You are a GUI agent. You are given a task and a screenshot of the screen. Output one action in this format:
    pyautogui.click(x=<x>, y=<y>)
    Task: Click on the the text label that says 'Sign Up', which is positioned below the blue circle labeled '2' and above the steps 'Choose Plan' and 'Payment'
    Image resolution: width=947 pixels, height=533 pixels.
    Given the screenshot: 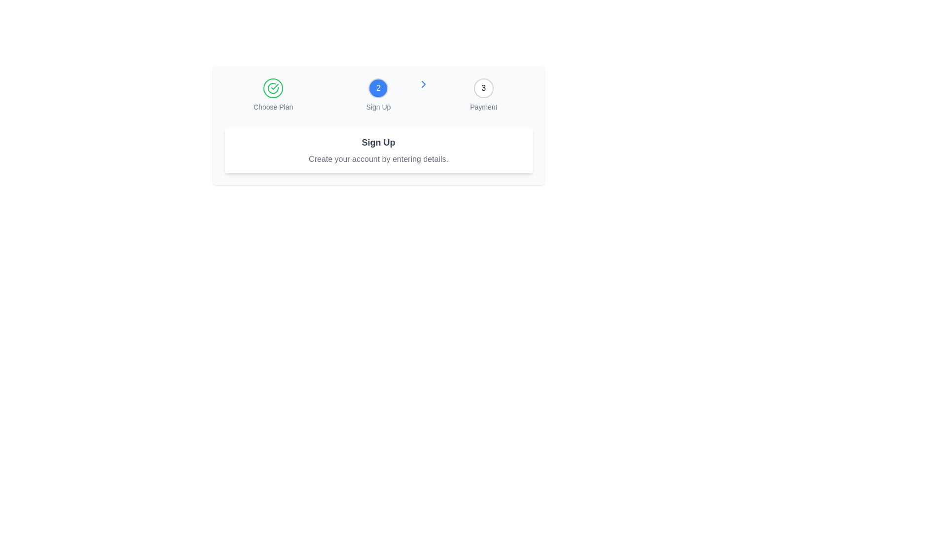 What is the action you would take?
    pyautogui.click(x=378, y=107)
    